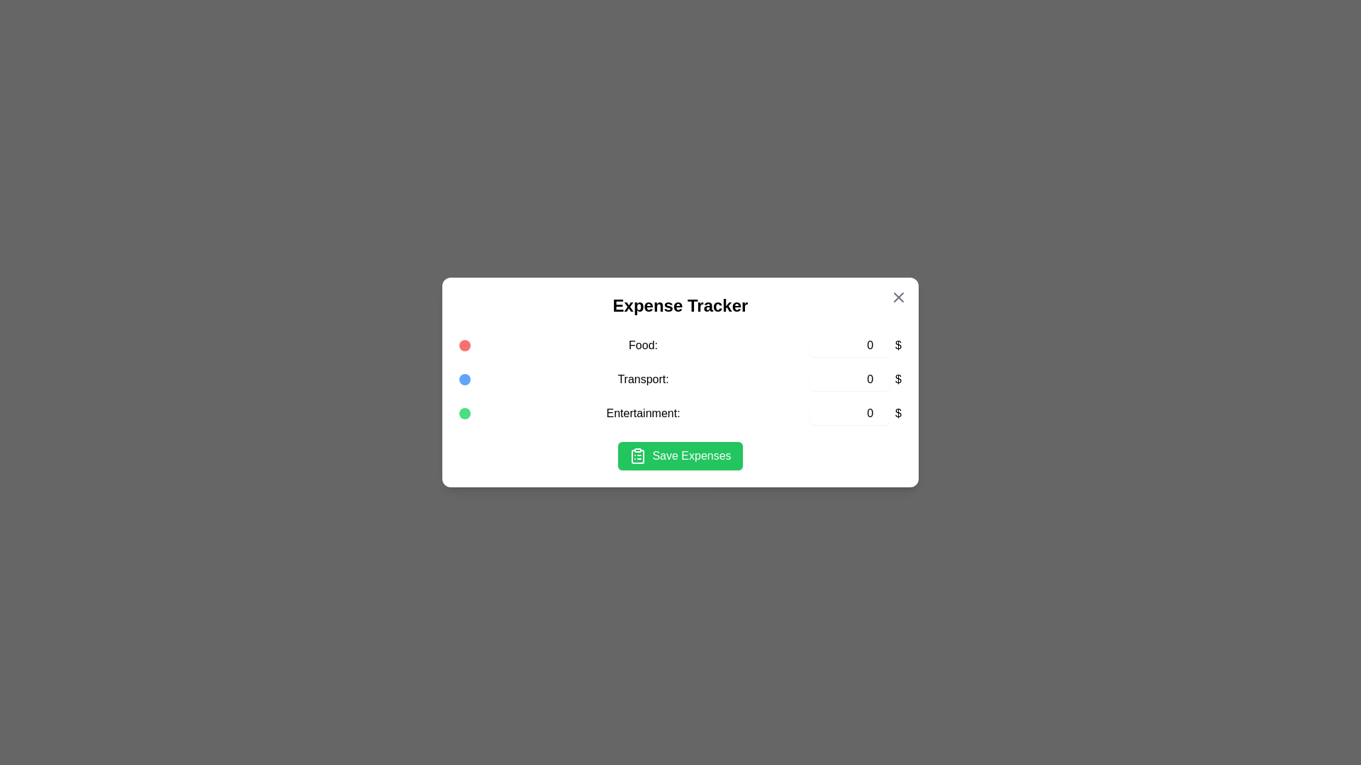 Image resolution: width=1361 pixels, height=765 pixels. Describe the element at coordinates (850, 346) in the screenshot. I see `the expense amount for the 'Food' category to 588` at that location.